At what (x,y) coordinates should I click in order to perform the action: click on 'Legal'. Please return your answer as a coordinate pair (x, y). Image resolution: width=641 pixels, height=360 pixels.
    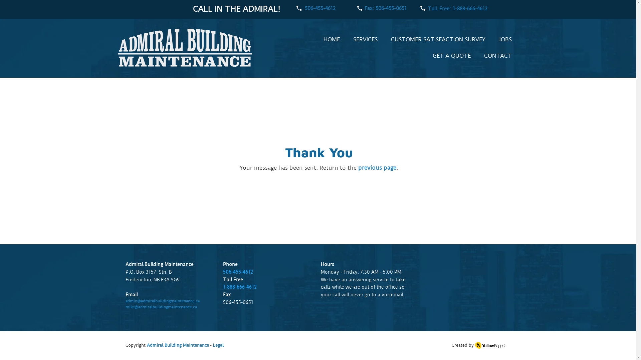
    Looking at the image, I should click on (218, 345).